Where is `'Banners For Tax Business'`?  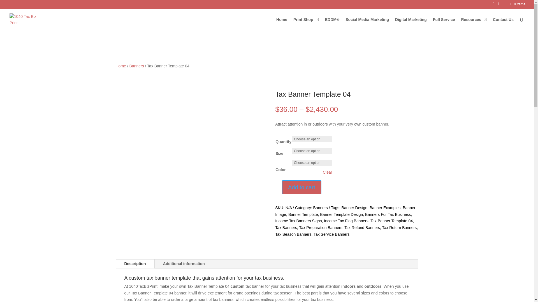
'Banners For Tax Business' is located at coordinates (388, 214).